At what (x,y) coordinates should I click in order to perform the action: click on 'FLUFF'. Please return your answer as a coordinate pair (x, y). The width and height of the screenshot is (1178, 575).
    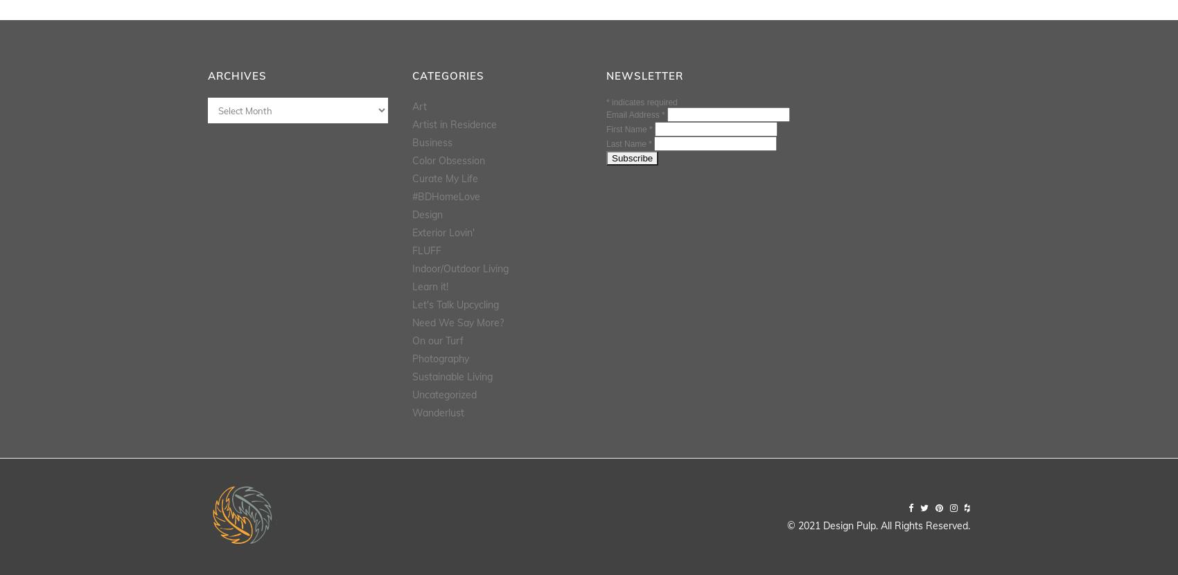
    Looking at the image, I should click on (426, 250).